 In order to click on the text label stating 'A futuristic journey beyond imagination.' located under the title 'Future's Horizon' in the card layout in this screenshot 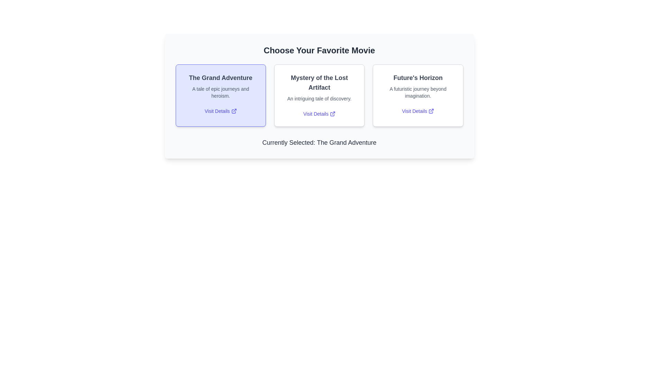, I will do `click(417, 92)`.